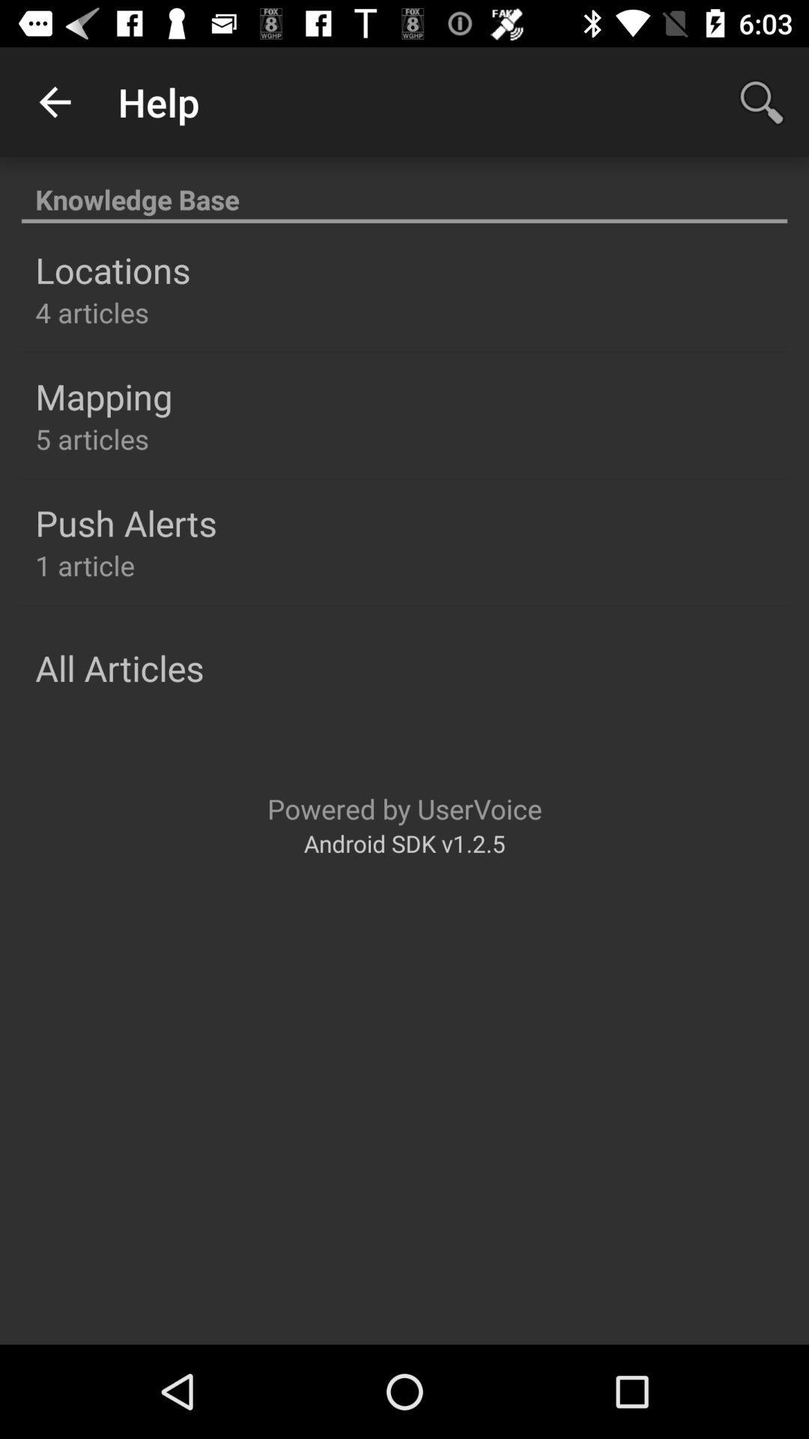 The width and height of the screenshot is (809, 1439). I want to click on app next to help, so click(762, 101).